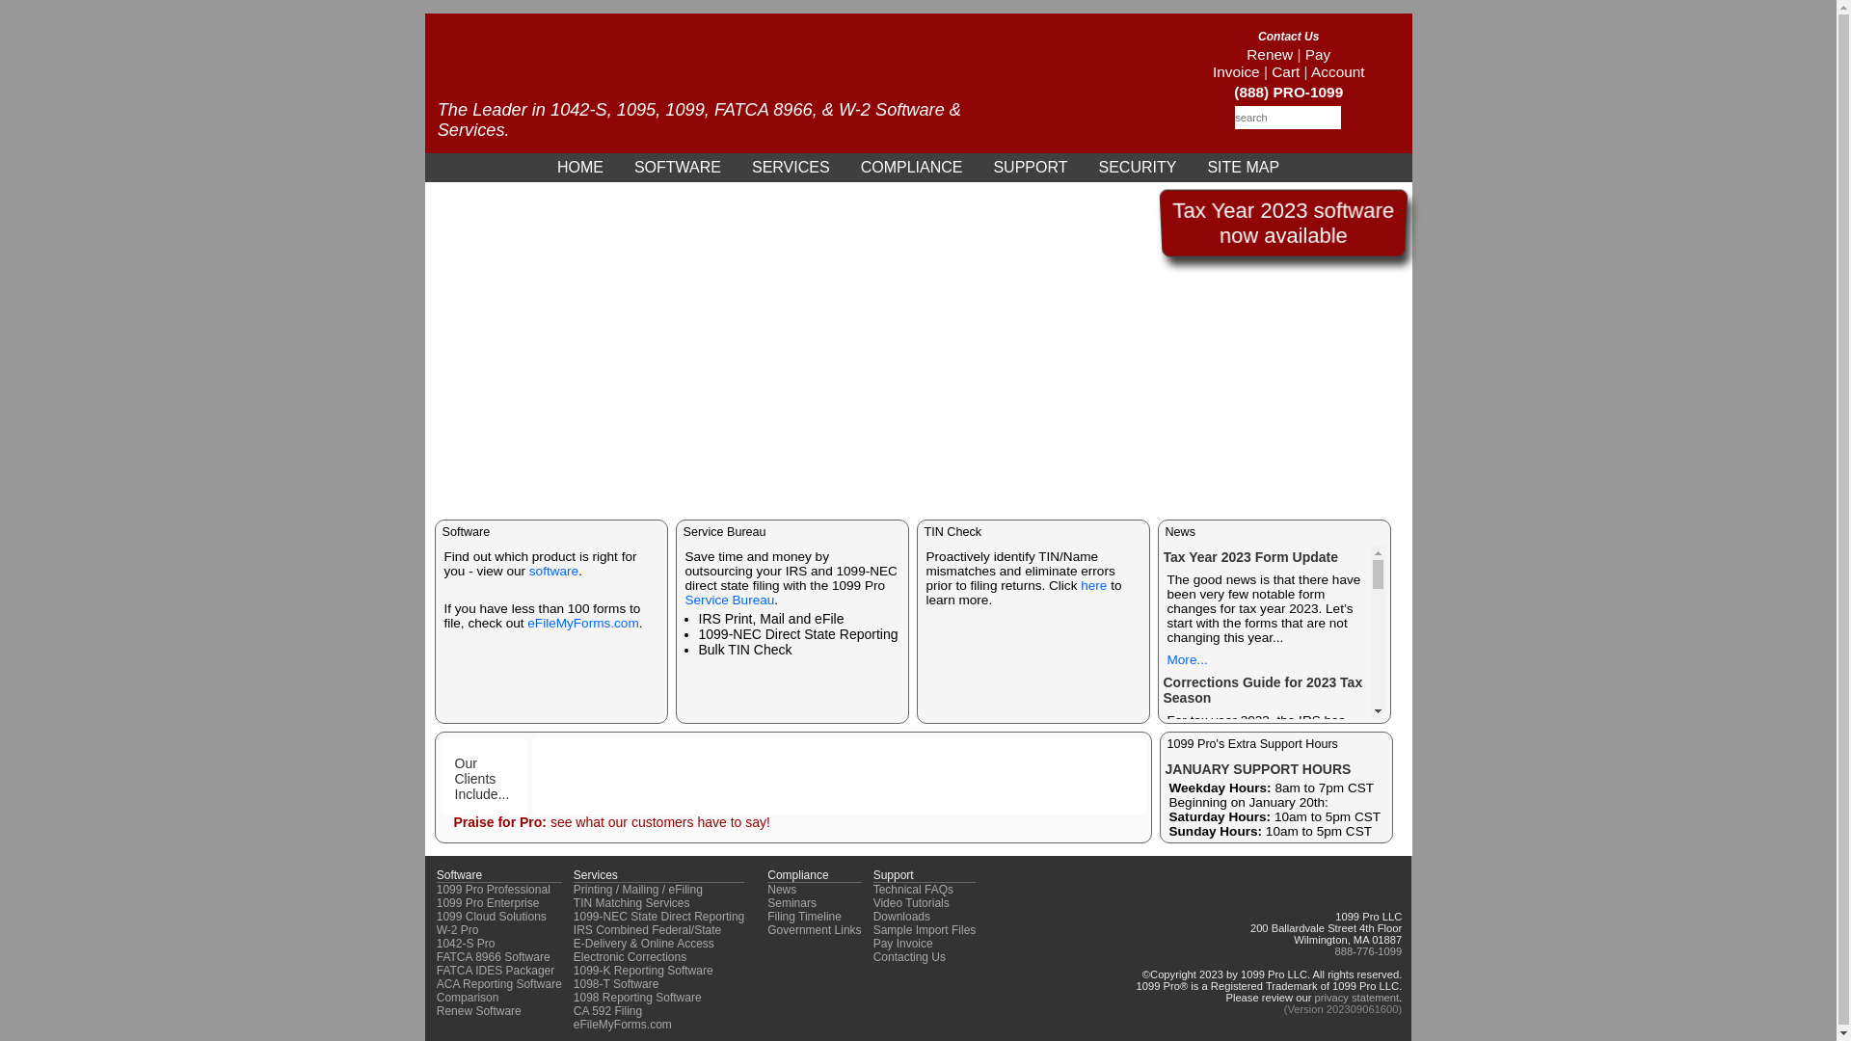 This screenshot has width=1851, height=1041. What do you see at coordinates (1288, 92) in the screenshot?
I see `'(888) PRO-1099'` at bounding box center [1288, 92].